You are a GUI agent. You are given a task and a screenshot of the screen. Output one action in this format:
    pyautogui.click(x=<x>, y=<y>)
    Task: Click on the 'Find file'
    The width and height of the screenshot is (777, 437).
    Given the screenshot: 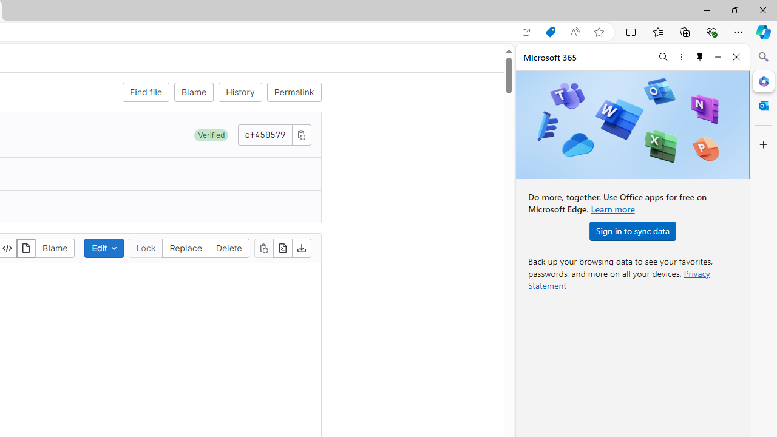 What is the action you would take?
    pyautogui.click(x=146, y=91)
    